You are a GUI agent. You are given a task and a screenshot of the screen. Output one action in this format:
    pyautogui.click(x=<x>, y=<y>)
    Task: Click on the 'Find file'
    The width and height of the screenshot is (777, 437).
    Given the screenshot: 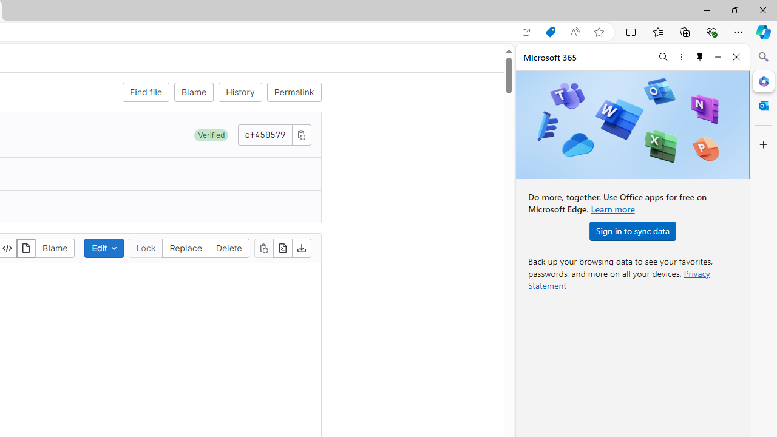 What is the action you would take?
    pyautogui.click(x=146, y=91)
    